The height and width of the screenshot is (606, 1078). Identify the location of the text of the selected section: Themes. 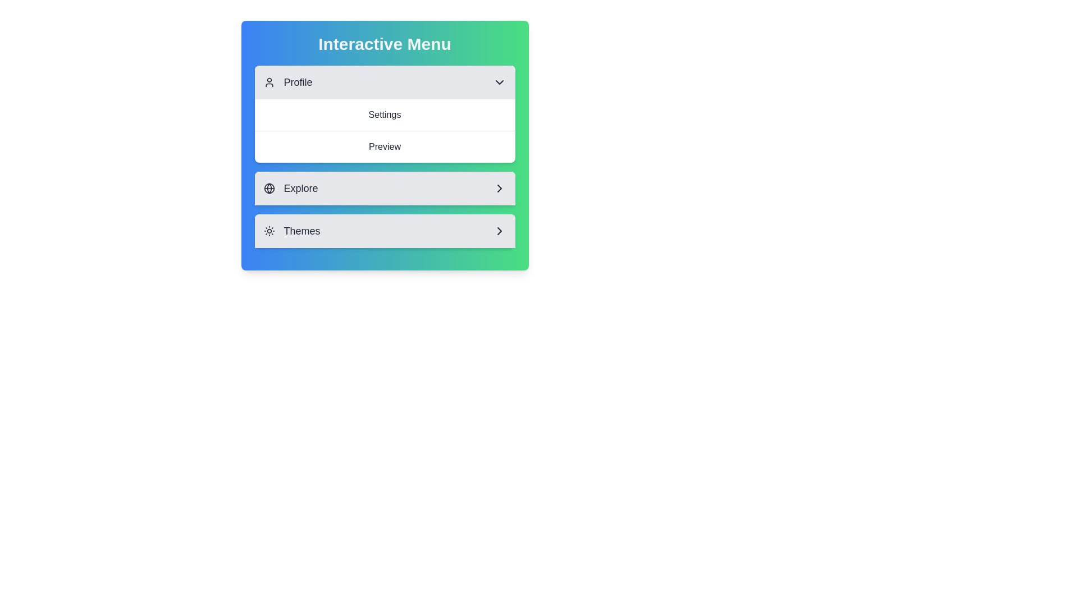
(385, 231).